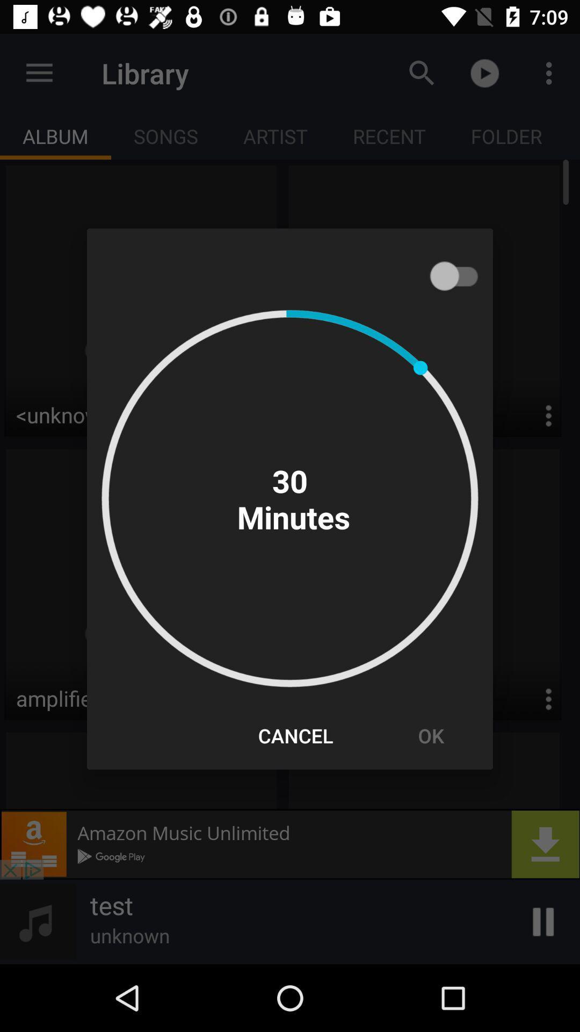 The height and width of the screenshot is (1032, 580). I want to click on shows the slider option, so click(459, 276).